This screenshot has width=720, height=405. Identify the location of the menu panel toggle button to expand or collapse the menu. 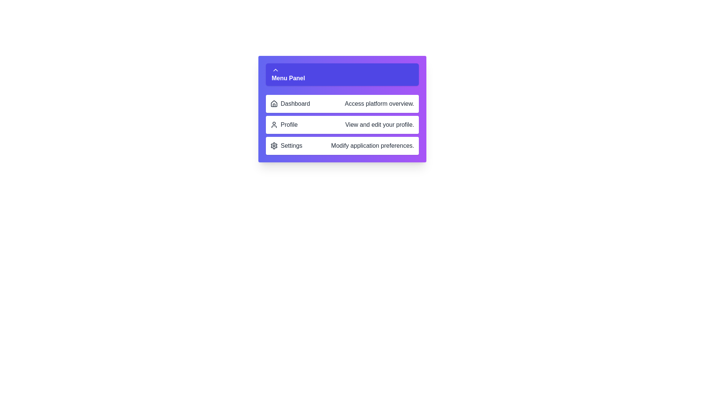
(342, 75).